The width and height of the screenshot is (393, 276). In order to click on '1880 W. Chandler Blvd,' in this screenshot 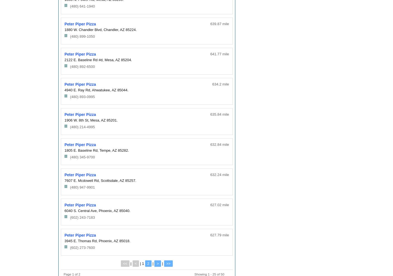, I will do `click(83, 29)`.